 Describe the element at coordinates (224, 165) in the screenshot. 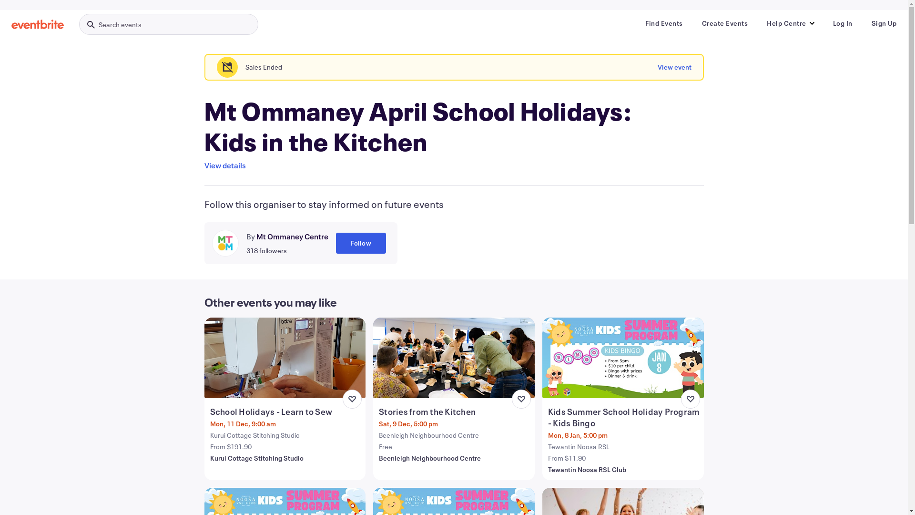

I see `'View details'` at that location.